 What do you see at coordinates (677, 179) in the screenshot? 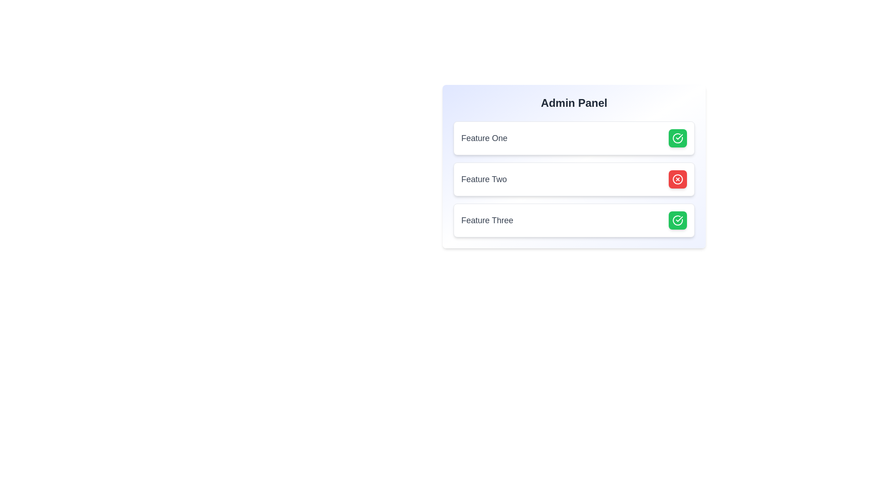
I see `the icon for Feature Two` at bounding box center [677, 179].